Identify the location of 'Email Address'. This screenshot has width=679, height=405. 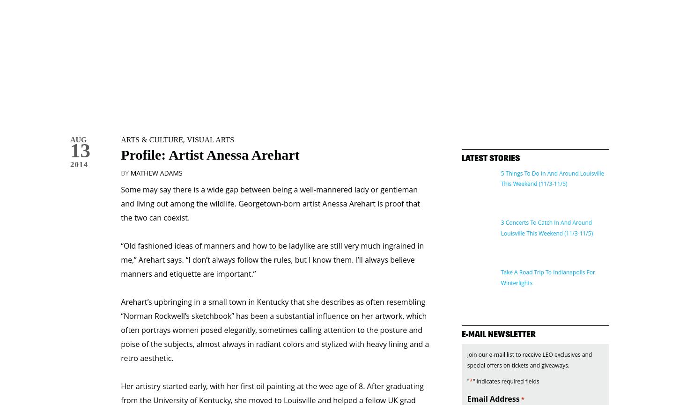
(493, 358).